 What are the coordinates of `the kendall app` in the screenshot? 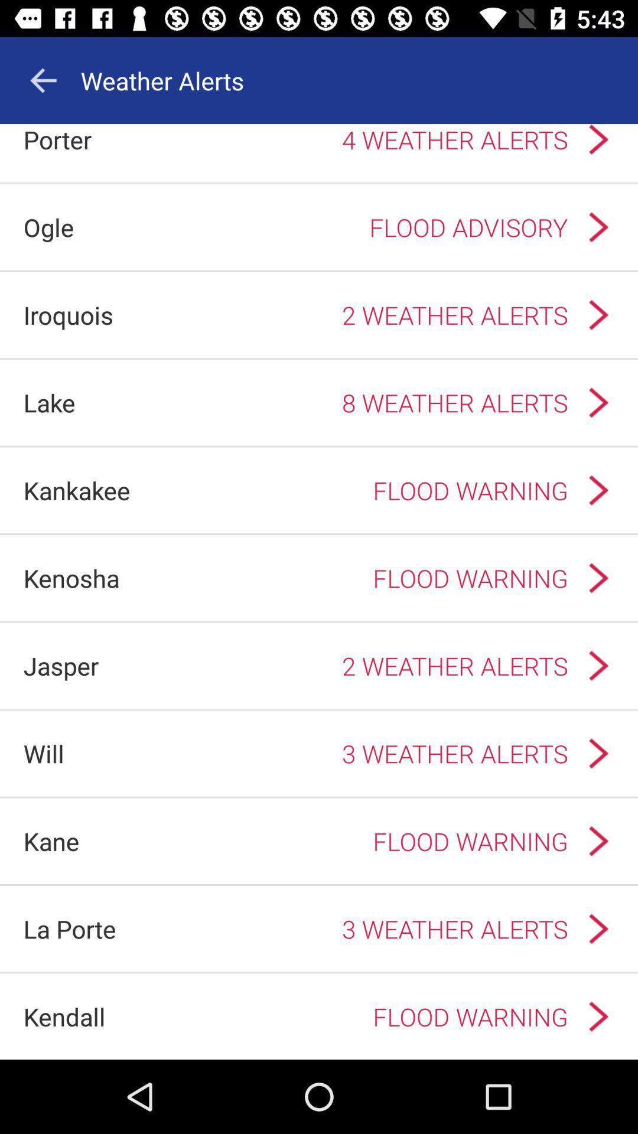 It's located at (64, 1016).